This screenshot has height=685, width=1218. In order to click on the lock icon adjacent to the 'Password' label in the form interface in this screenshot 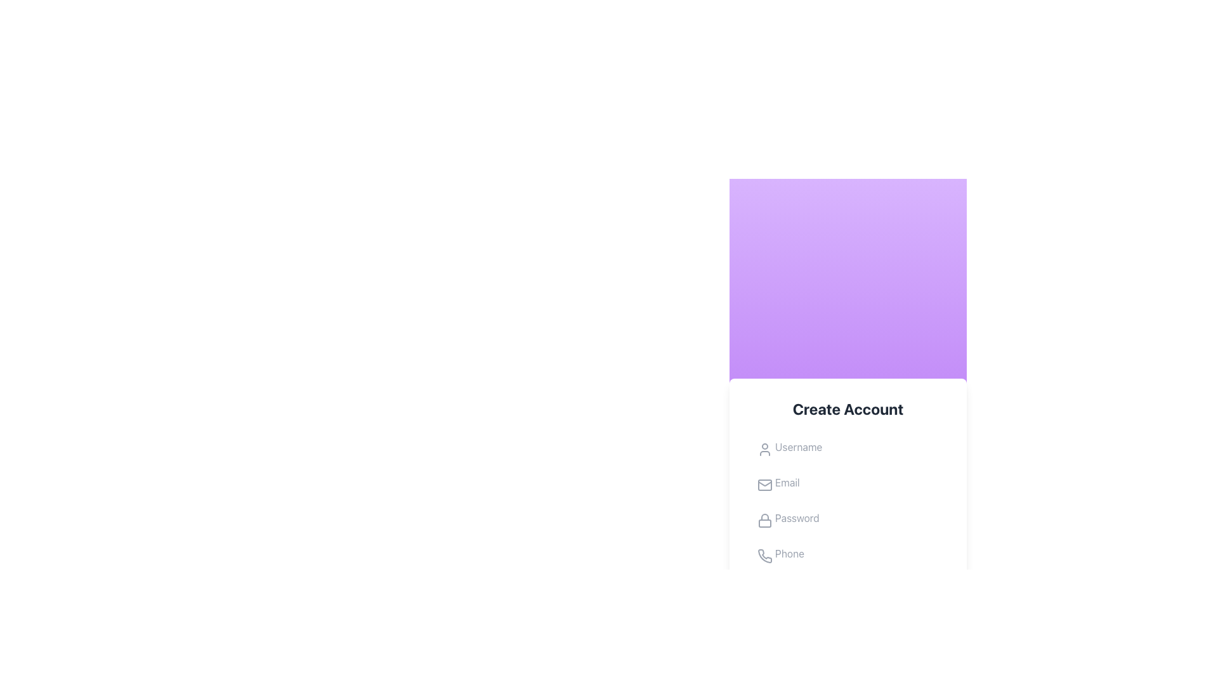, I will do `click(764, 517)`.